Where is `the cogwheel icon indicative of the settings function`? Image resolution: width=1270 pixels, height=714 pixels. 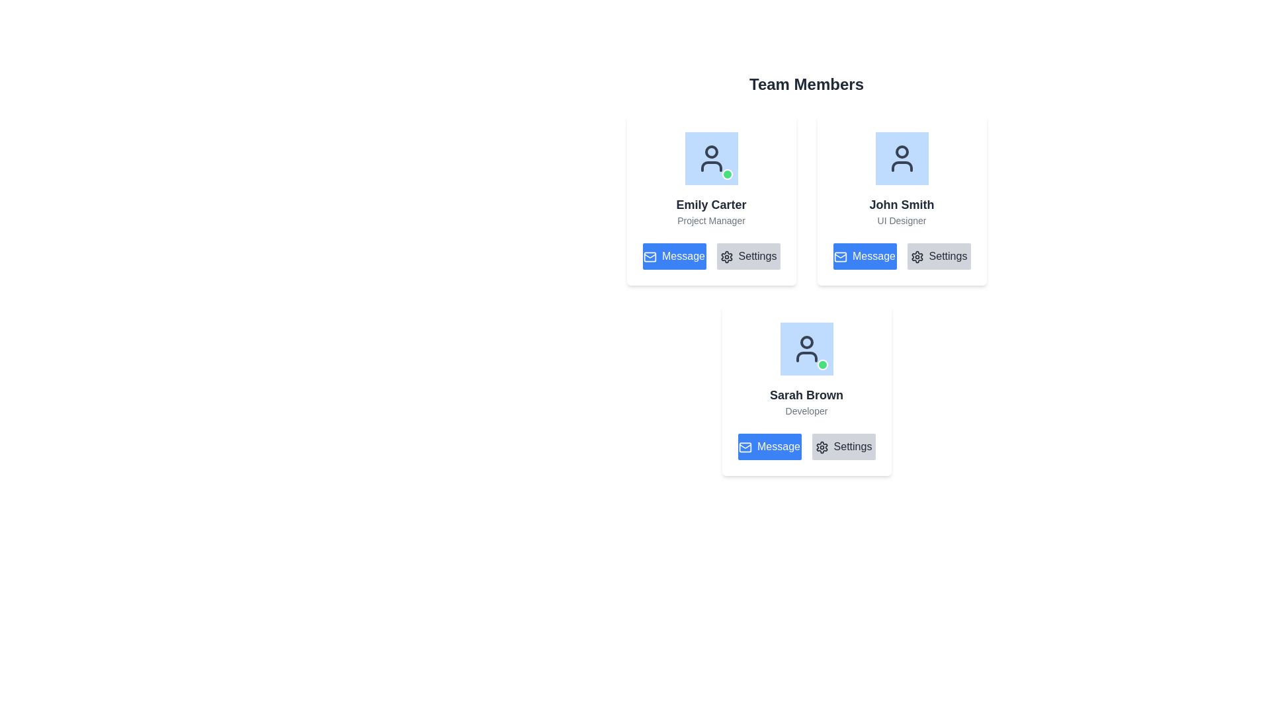 the cogwheel icon indicative of the settings function is located at coordinates (821, 446).